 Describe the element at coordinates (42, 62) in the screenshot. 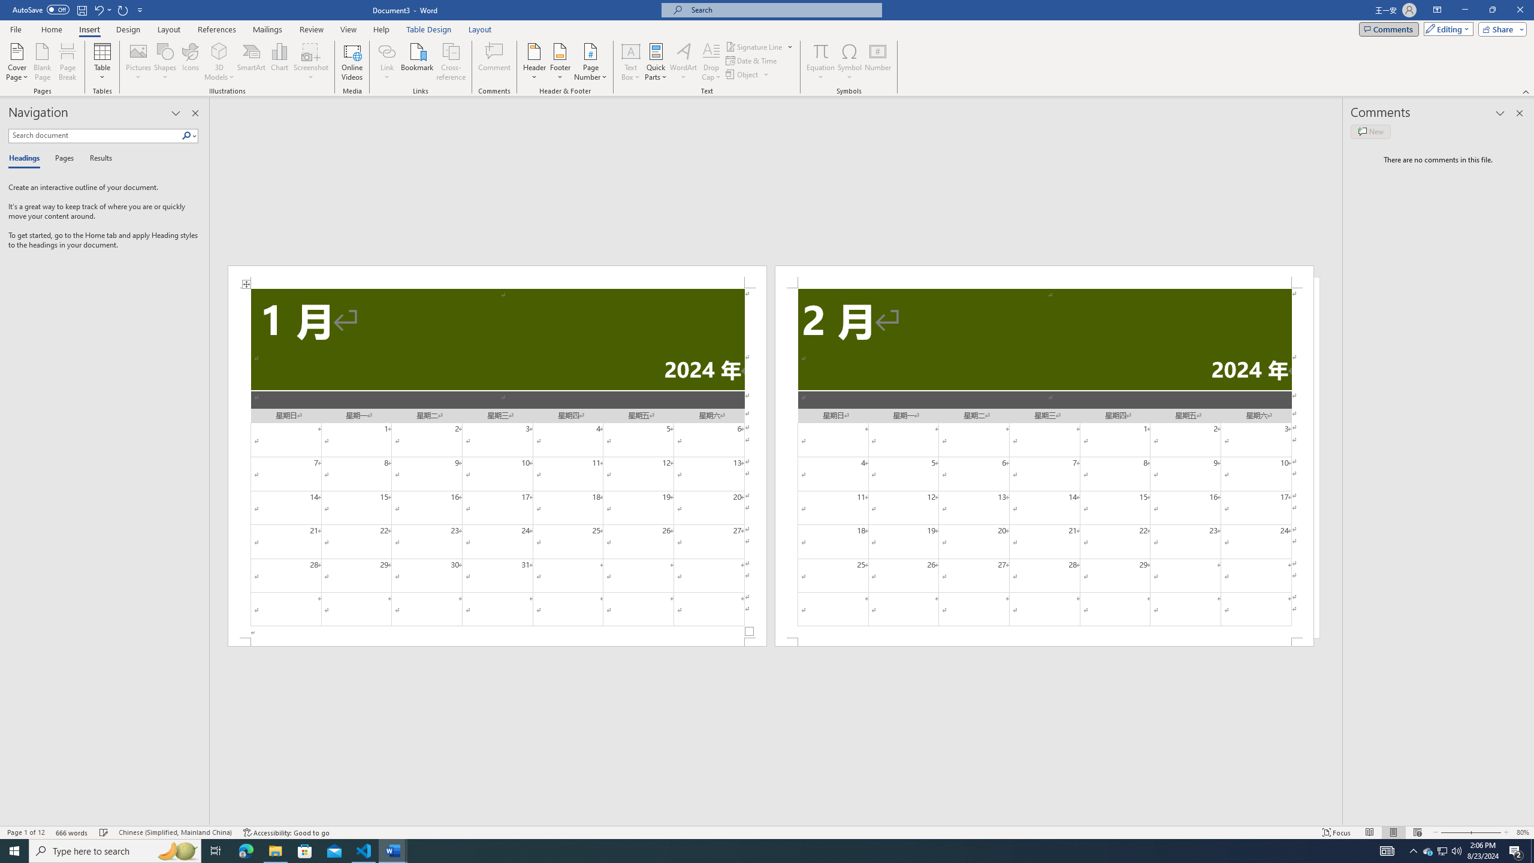

I see `'Blank Page'` at that location.